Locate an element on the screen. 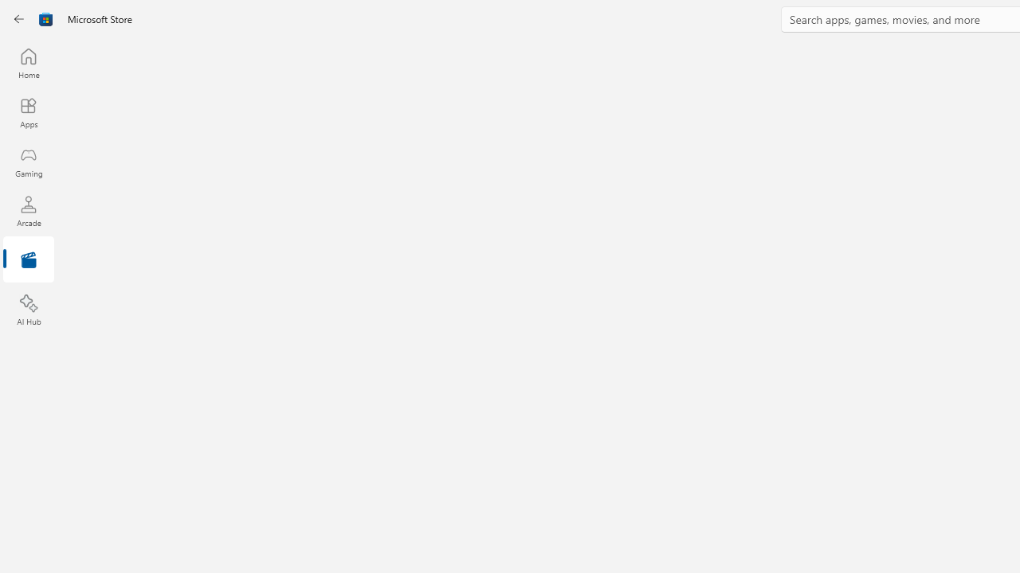 This screenshot has width=1020, height=573. 'Entertainment' is located at coordinates (28, 259).